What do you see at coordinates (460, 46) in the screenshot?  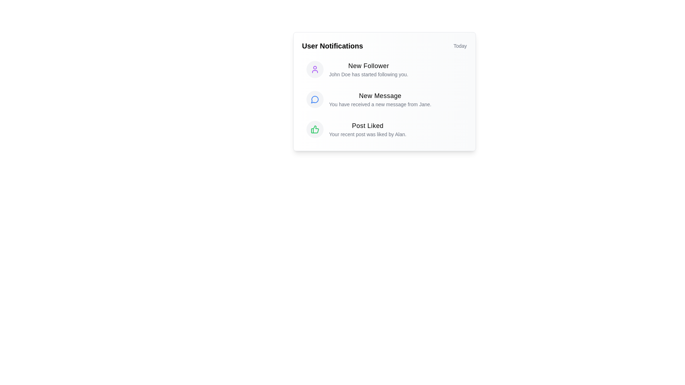 I see `the 'Today' text label, which is a small light gray text label positioned in the top-right corner of the User Notifications card header` at bounding box center [460, 46].